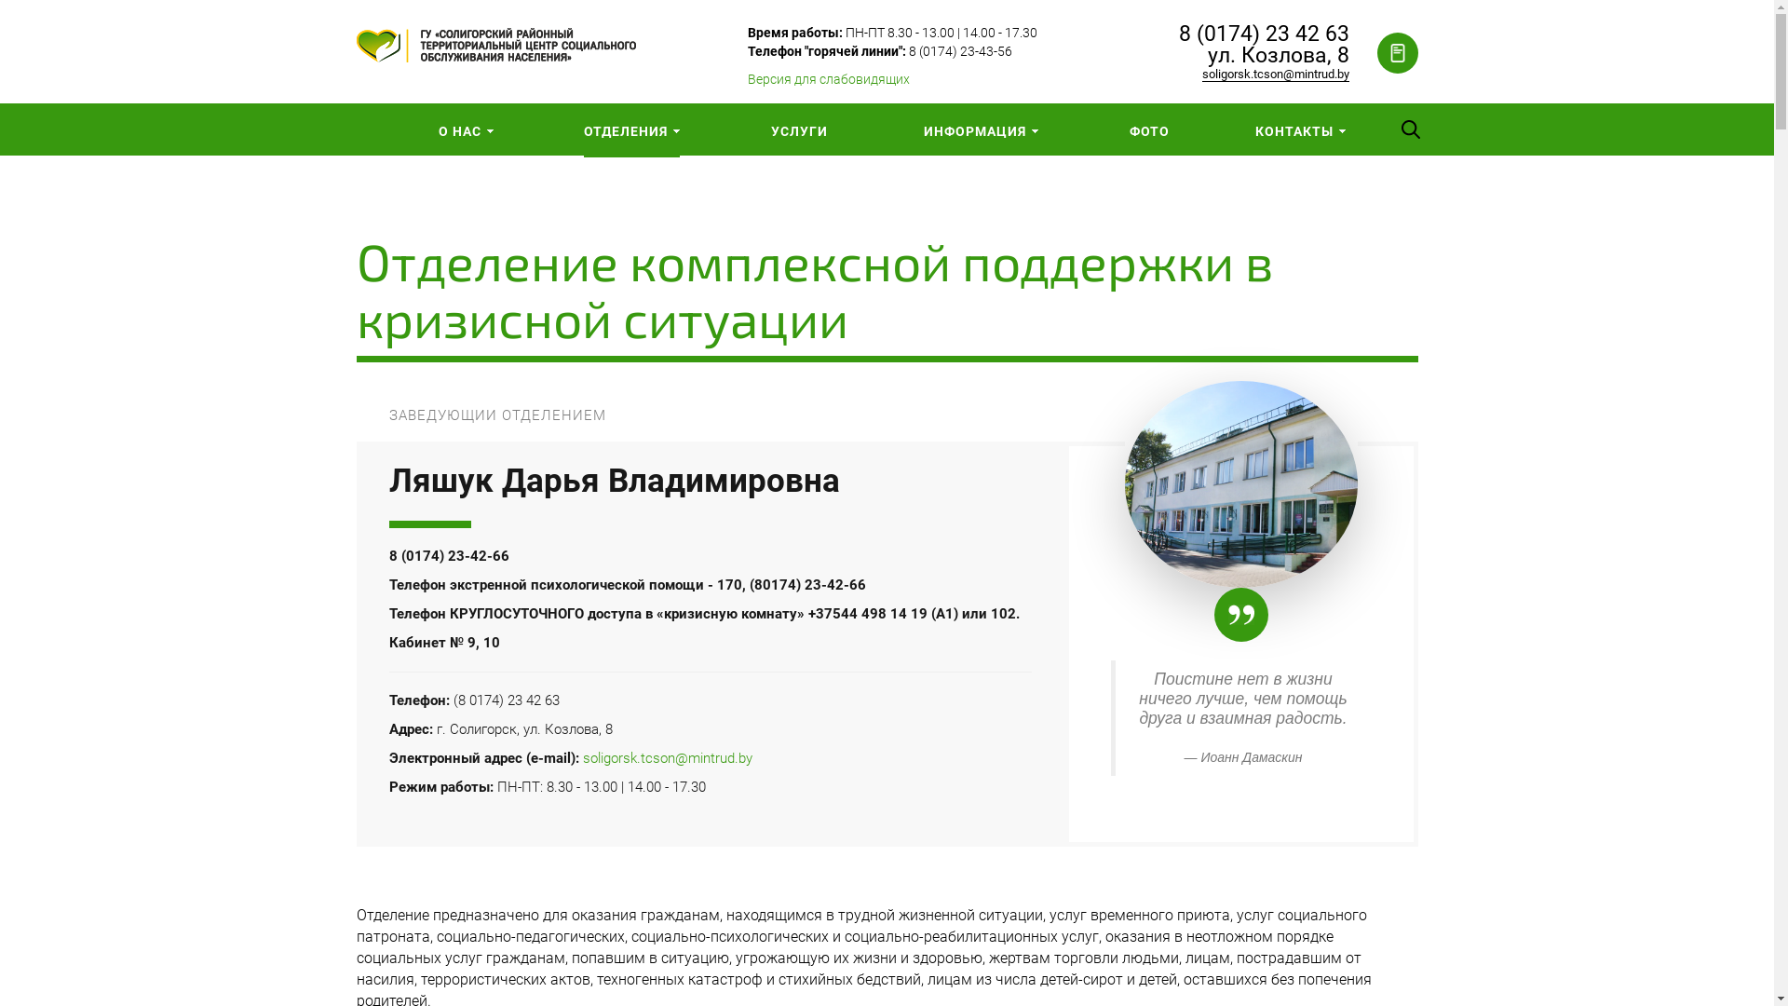 This screenshot has height=1006, width=1788. I want to click on 'soligorsk.tcson@mintrud.by', so click(1201, 74).